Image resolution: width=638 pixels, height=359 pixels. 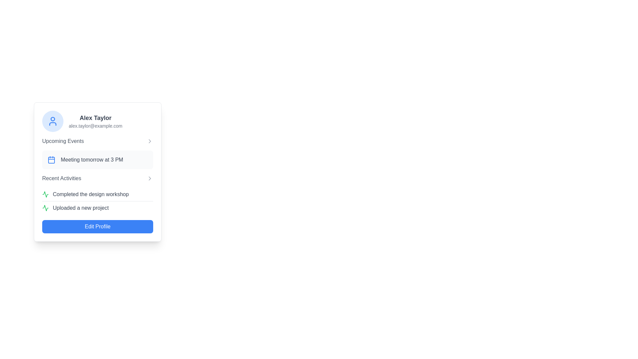 I want to click on the user name Text label located at the top-left corner of the card, which displays the name associated with the card's content, so click(x=95, y=117).